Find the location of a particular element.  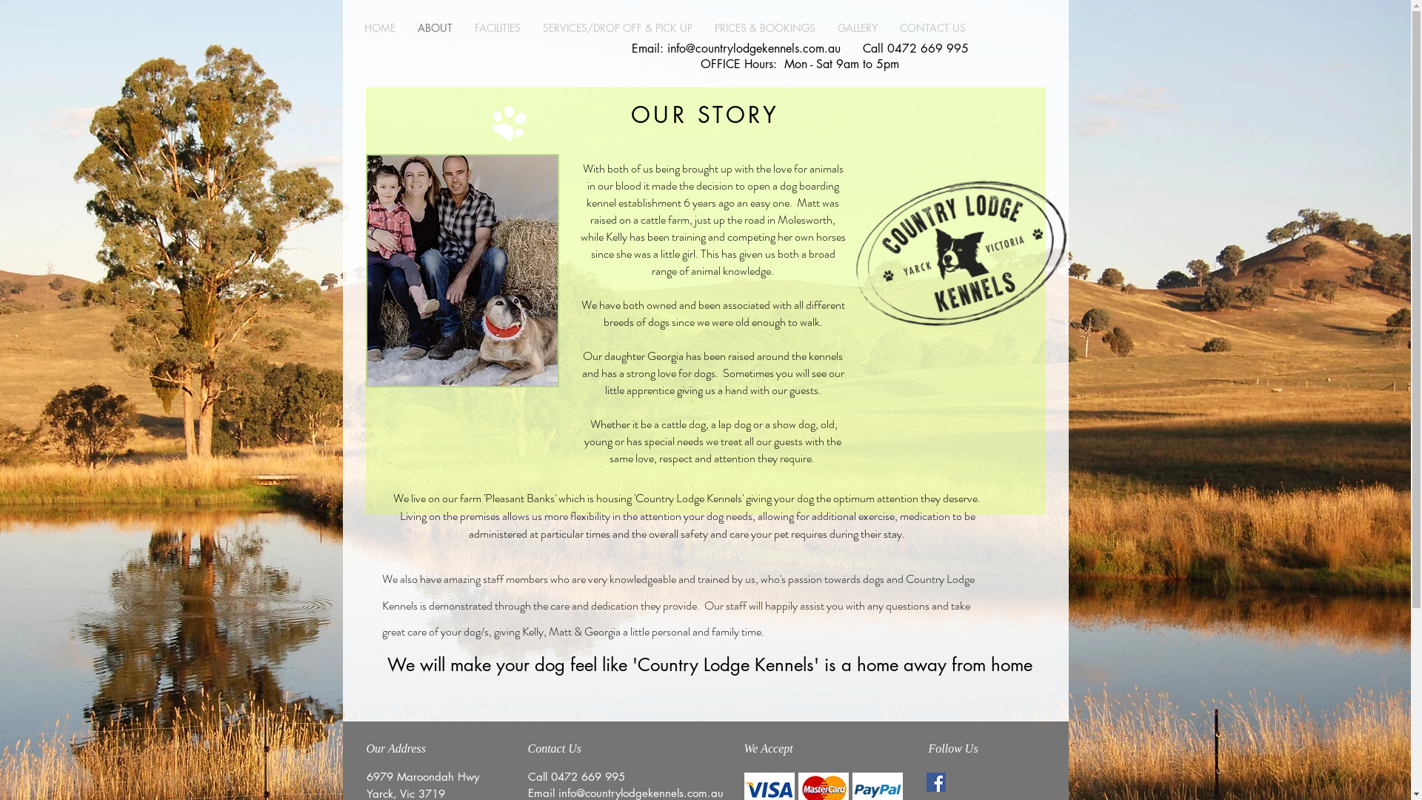

'PRICES & BOOKINGS' is located at coordinates (764, 28).